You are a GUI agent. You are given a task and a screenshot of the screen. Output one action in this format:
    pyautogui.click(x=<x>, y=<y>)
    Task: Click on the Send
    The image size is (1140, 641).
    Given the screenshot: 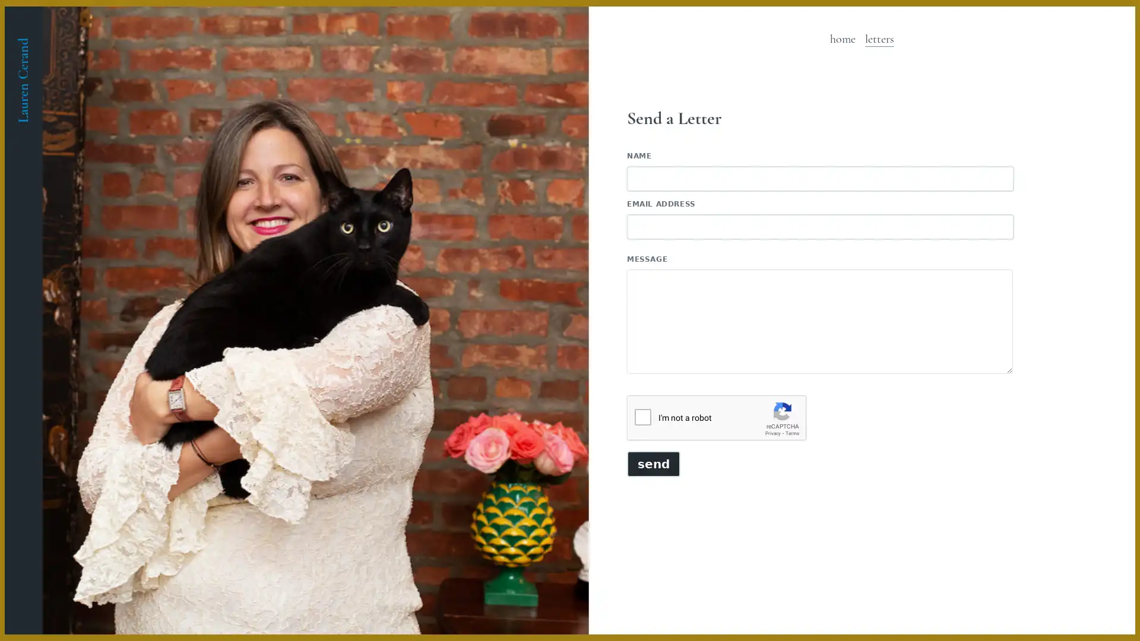 What is the action you would take?
    pyautogui.click(x=653, y=464)
    